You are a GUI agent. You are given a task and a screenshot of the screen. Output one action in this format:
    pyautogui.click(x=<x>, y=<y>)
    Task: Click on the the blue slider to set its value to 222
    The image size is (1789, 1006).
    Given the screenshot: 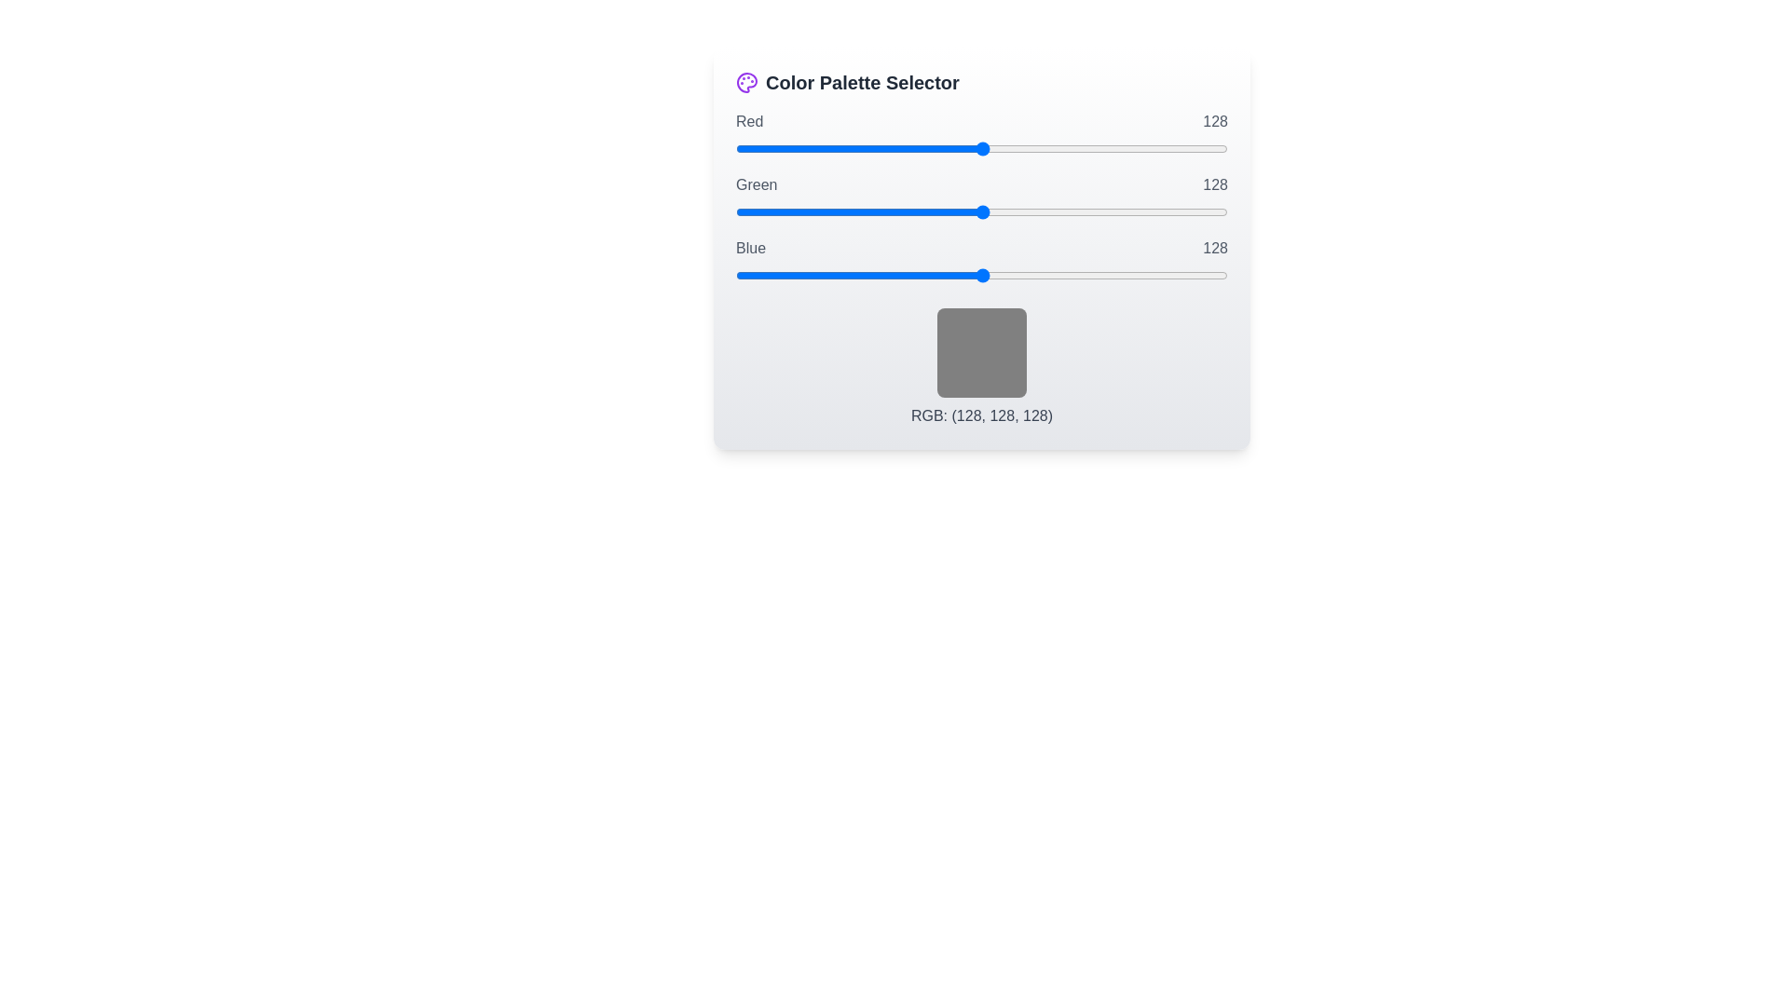 What is the action you would take?
    pyautogui.click(x=1163, y=276)
    